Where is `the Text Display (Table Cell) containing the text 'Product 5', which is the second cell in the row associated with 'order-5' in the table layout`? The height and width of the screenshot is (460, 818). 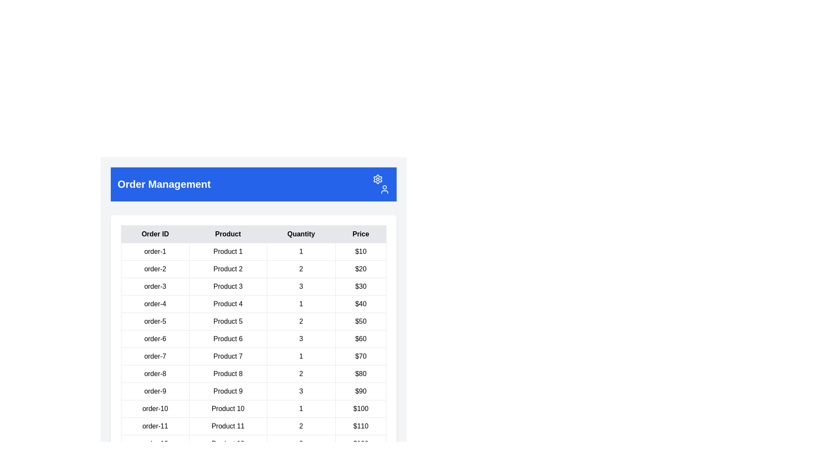 the Text Display (Table Cell) containing the text 'Product 5', which is the second cell in the row associated with 'order-5' in the table layout is located at coordinates (228, 322).